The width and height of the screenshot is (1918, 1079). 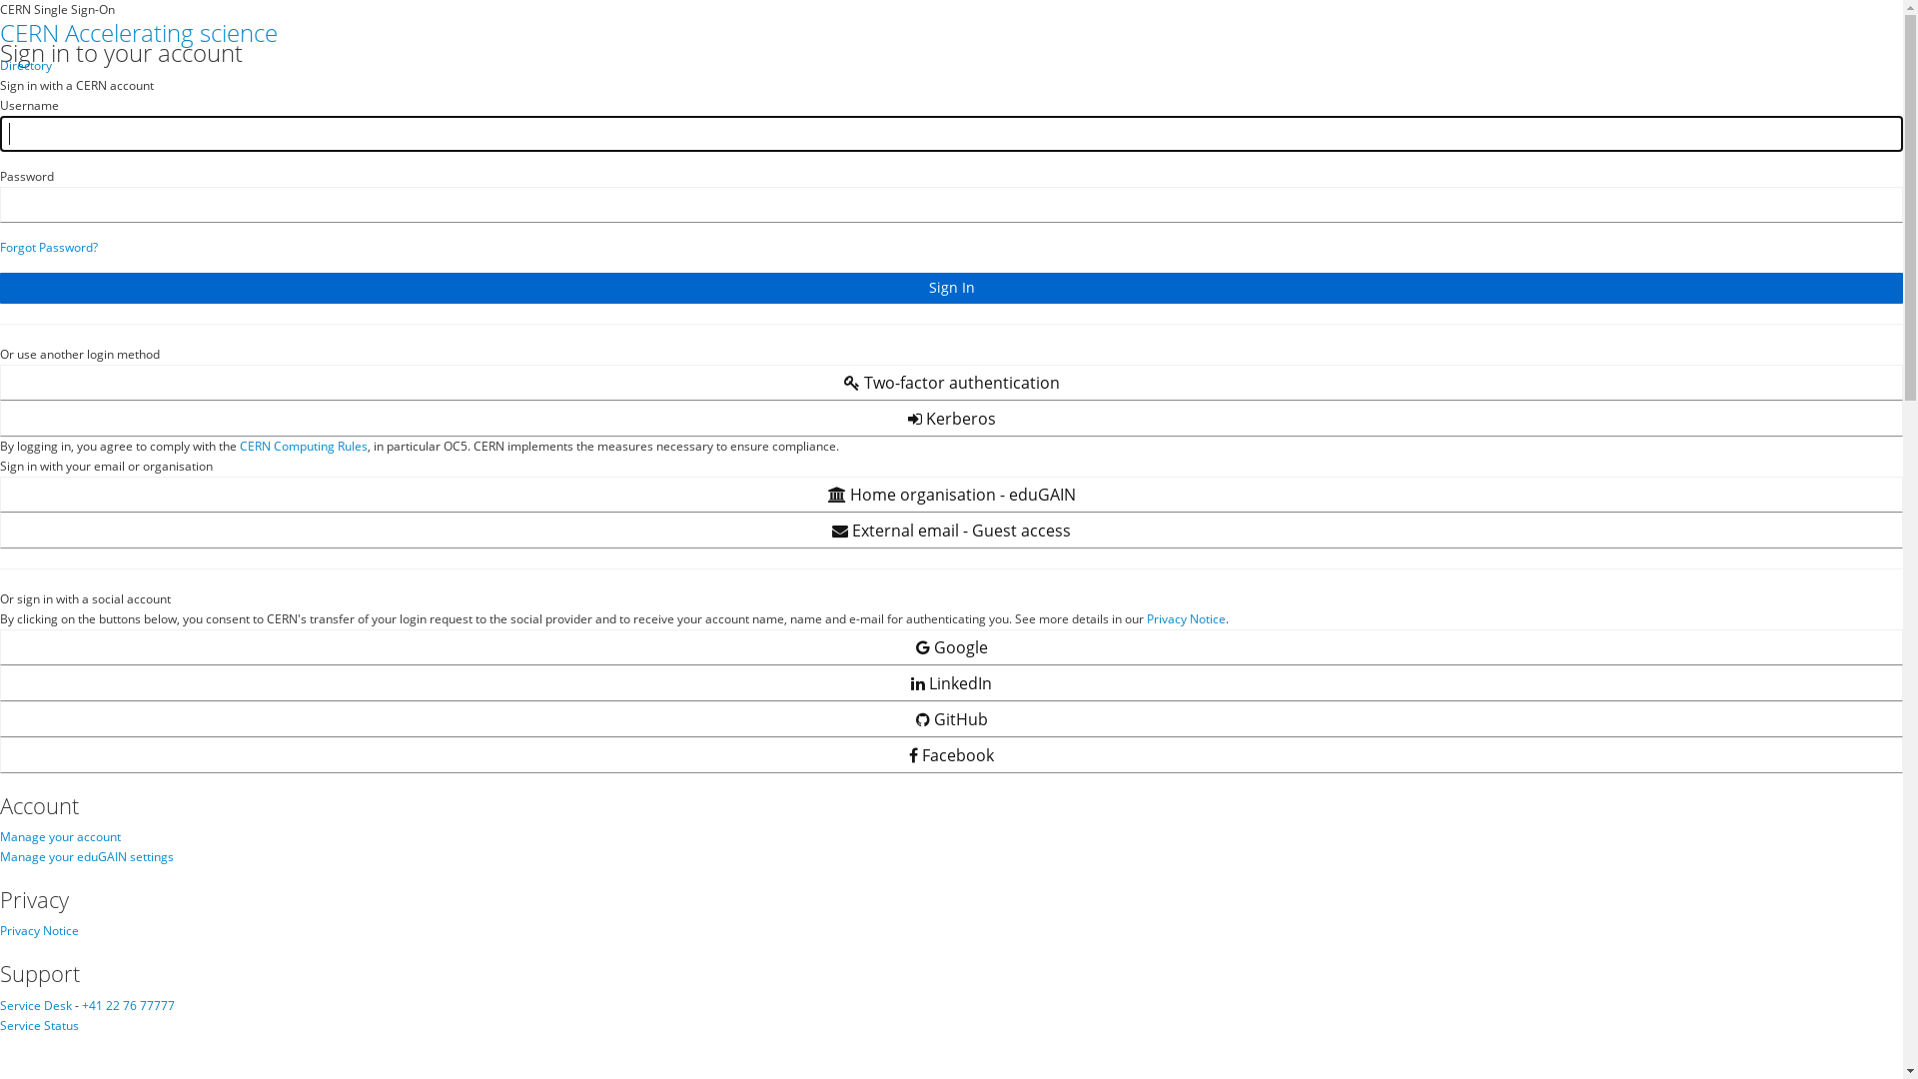 I want to click on 'Two-factor authentication', so click(x=950, y=382).